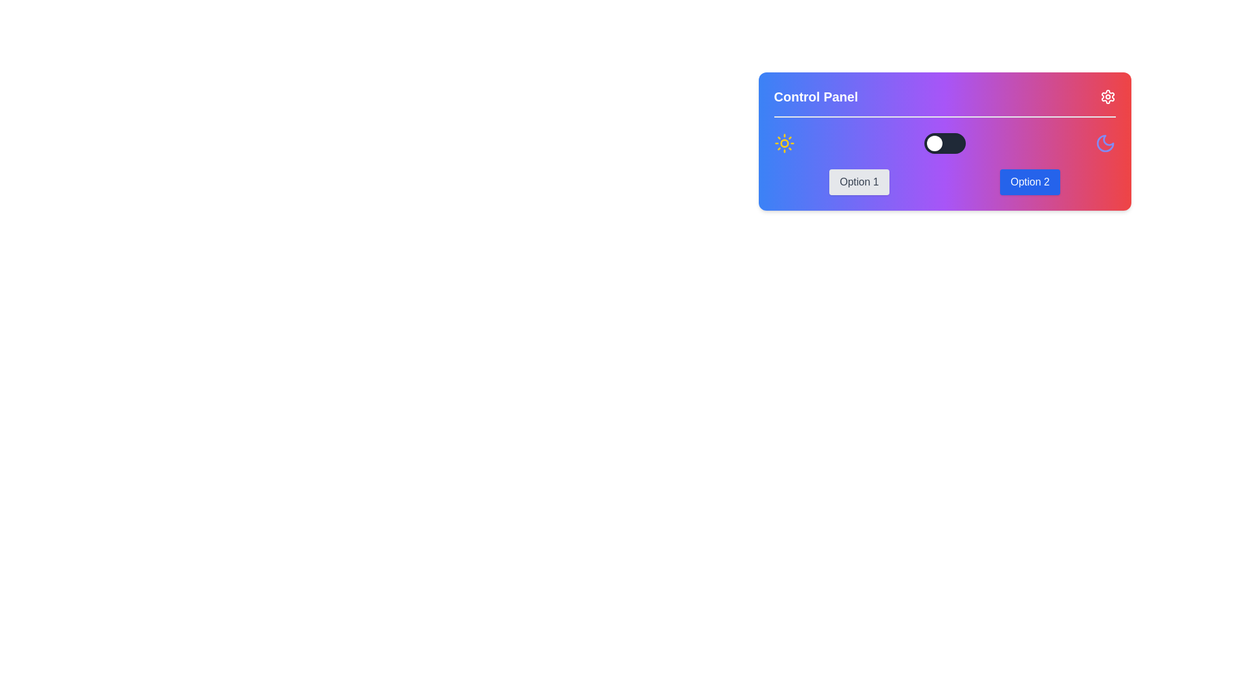 Image resolution: width=1242 pixels, height=698 pixels. What do you see at coordinates (1107, 96) in the screenshot?
I see `the gear-shaped 'Settings' icon located at the top-right corner of the 'Control Panel'` at bounding box center [1107, 96].